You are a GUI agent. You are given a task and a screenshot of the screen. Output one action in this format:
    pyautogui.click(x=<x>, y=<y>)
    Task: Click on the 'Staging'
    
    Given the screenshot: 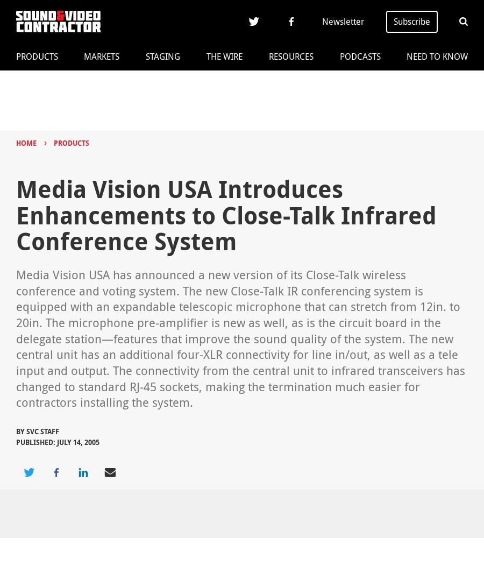 What is the action you would take?
    pyautogui.click(x=162, y=56)
    